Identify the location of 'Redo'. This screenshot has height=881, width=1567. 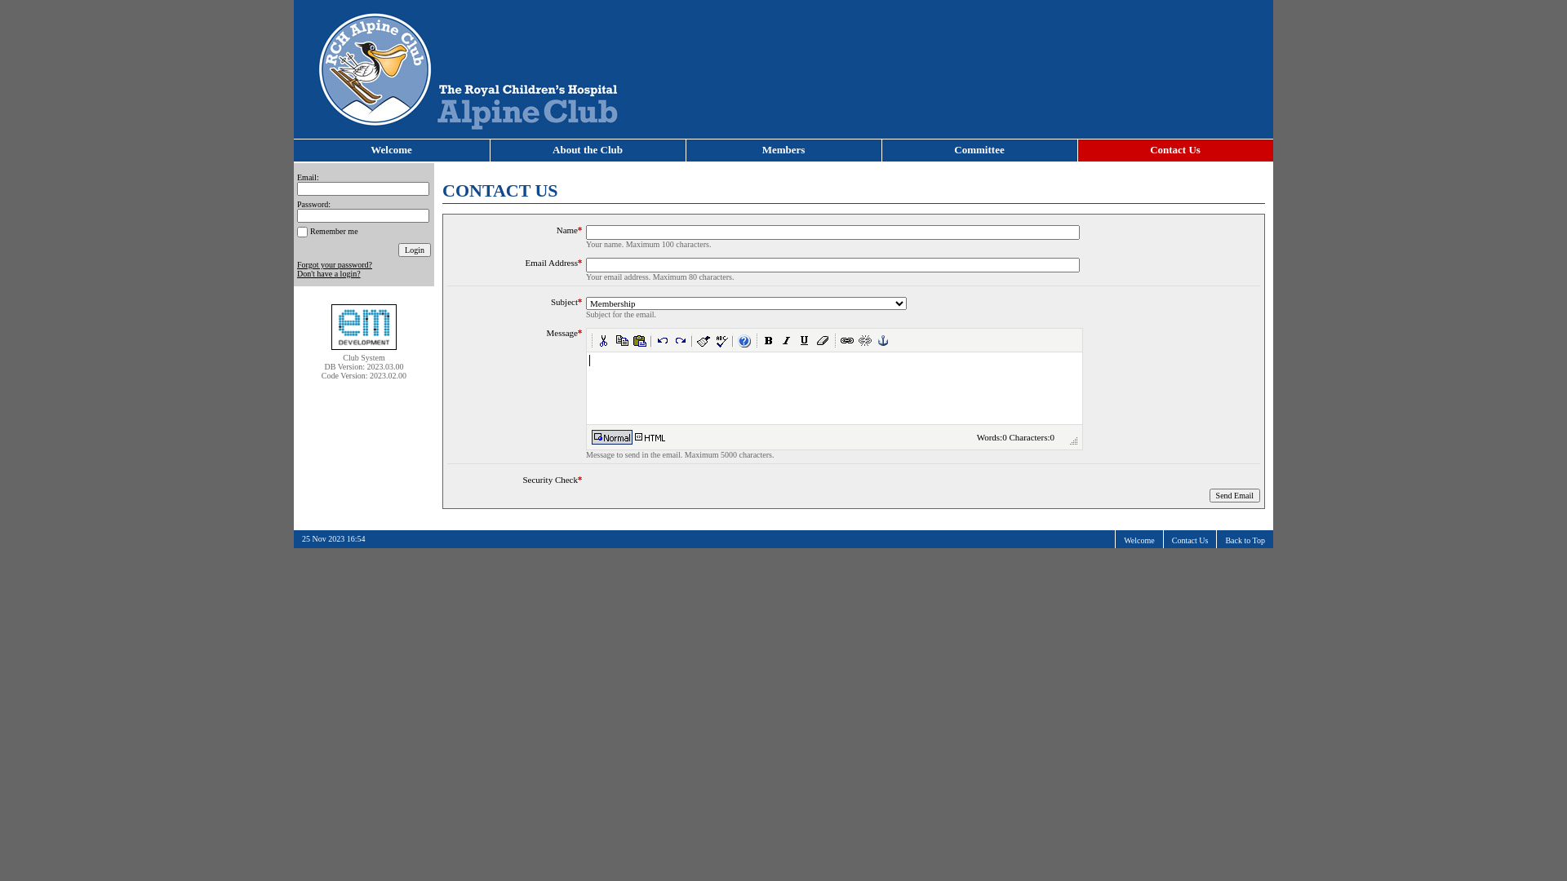
(681, 339).